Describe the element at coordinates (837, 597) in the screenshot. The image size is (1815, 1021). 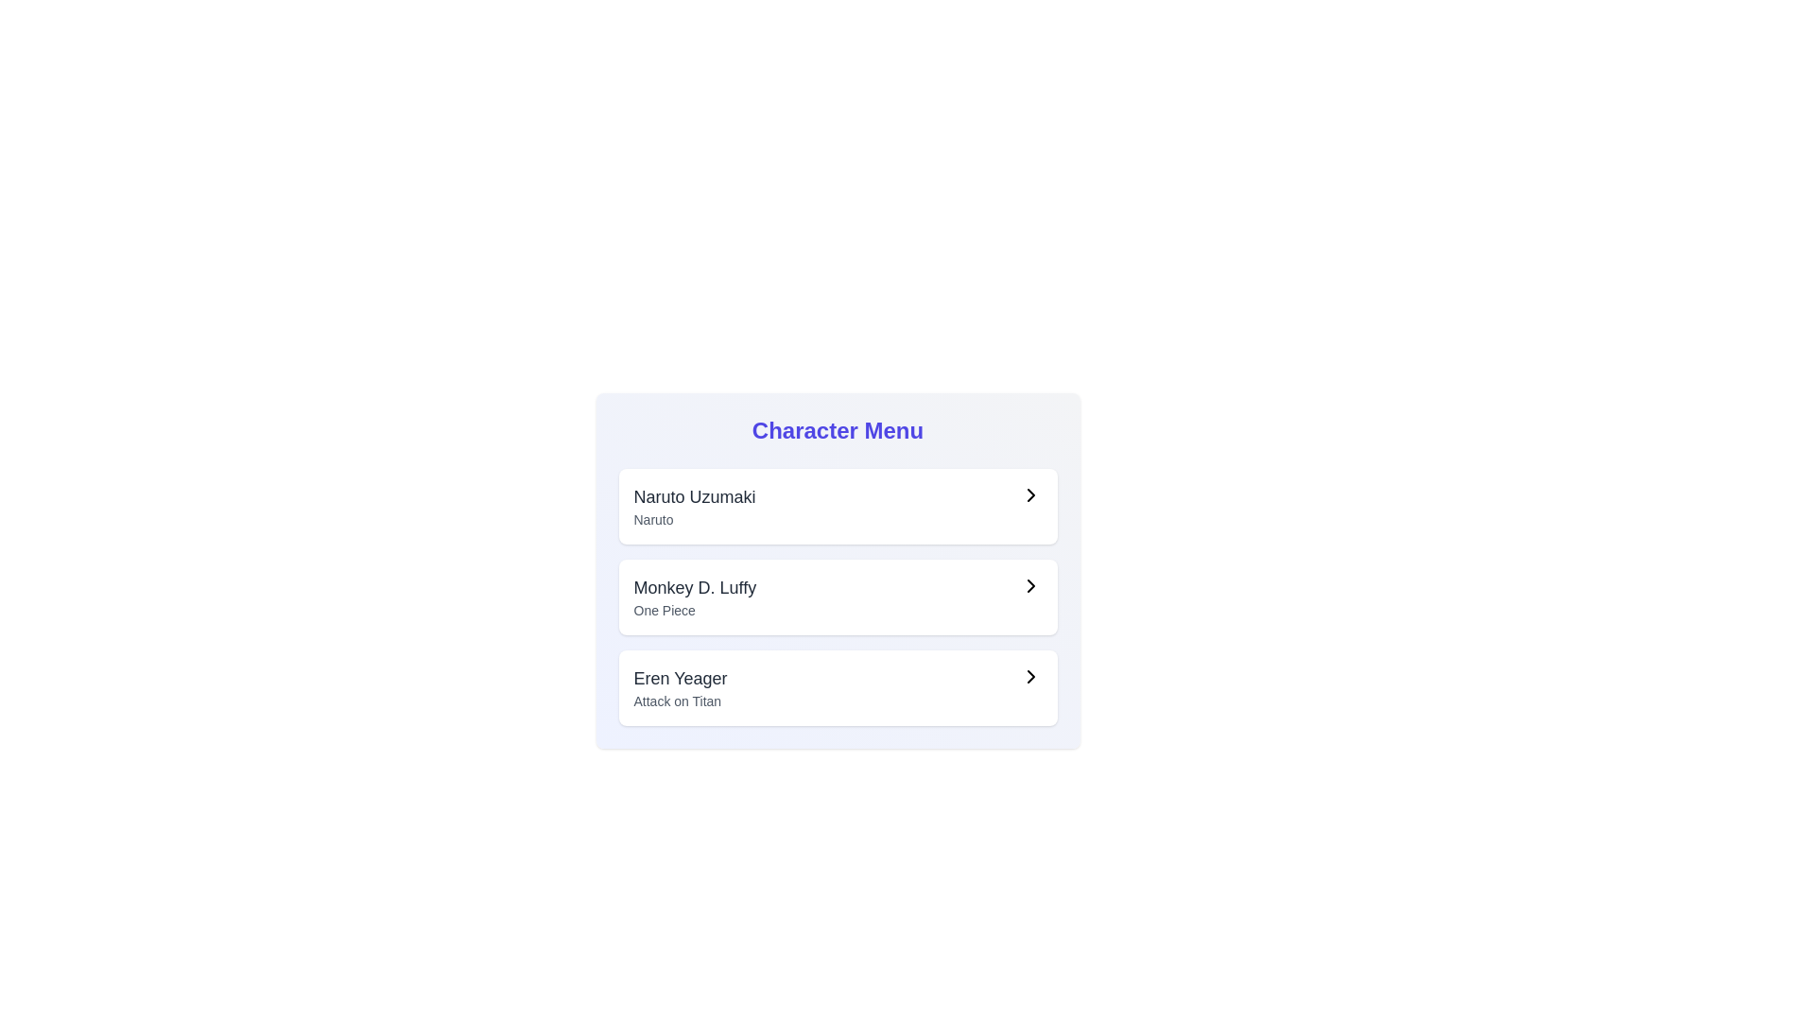
I see `the selectable list item representing 'Monkey D. Luffy'` at that location.